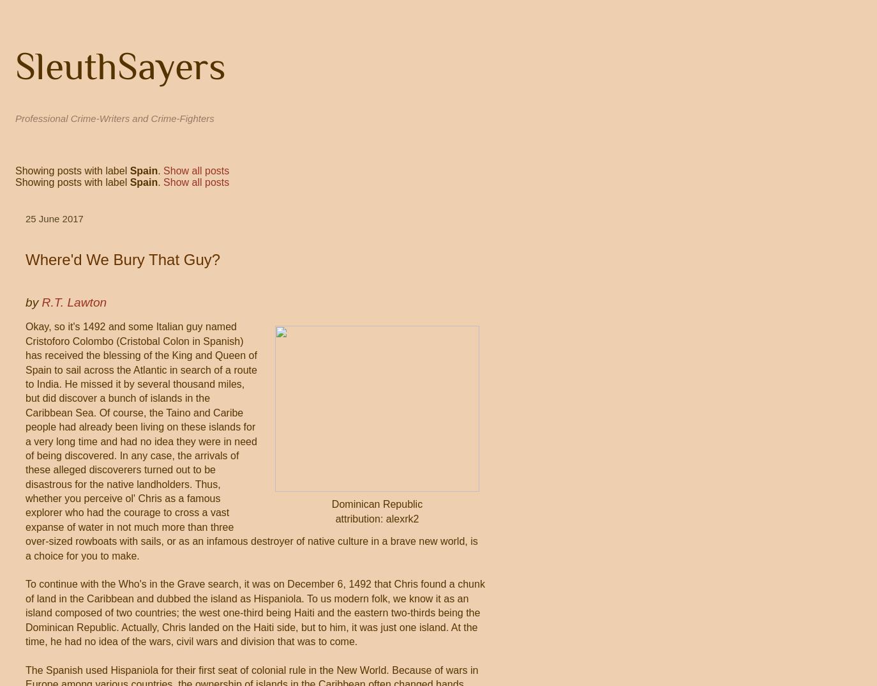  Describe the element at coordinates (54, 217) in the screenshot. I see `'25 June 2017'` at that location.